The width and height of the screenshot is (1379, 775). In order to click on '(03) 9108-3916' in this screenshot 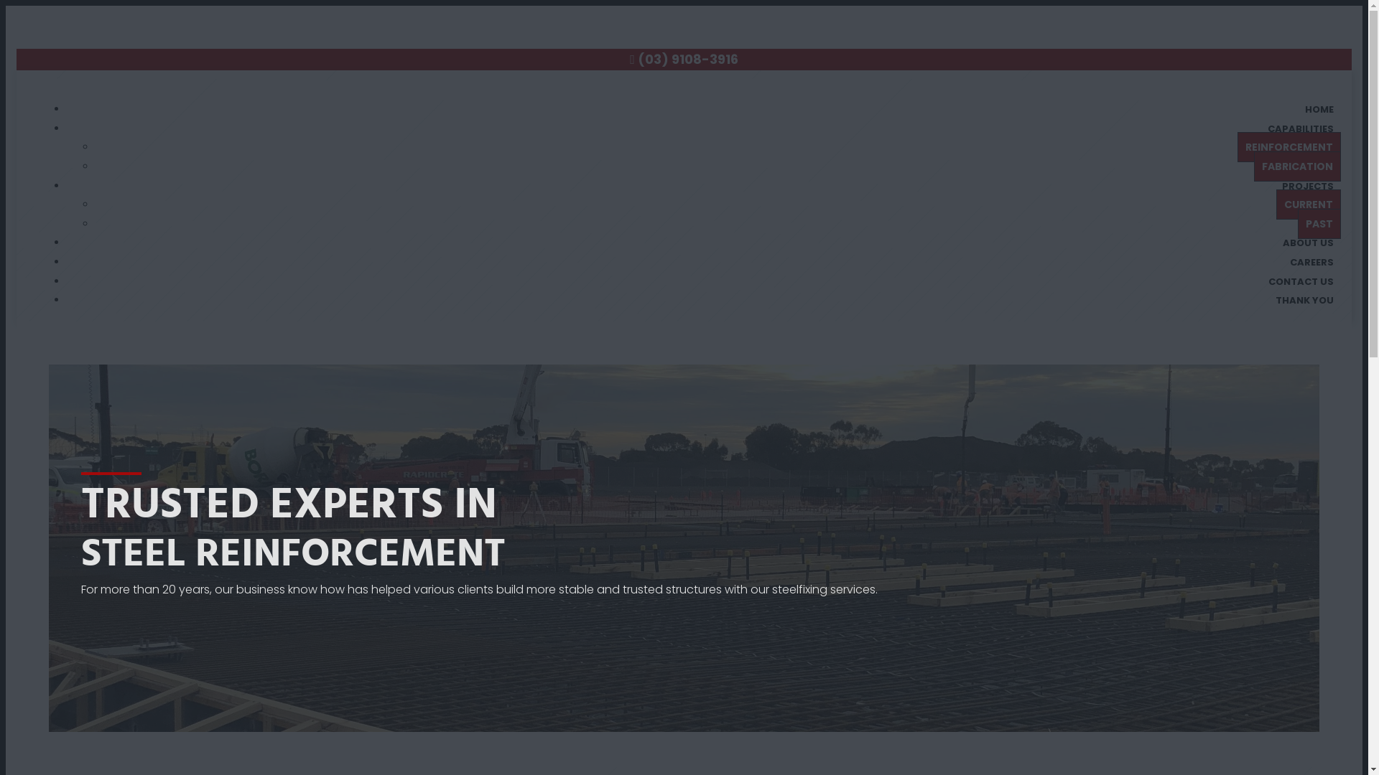, I will do `click(637, 58)`.